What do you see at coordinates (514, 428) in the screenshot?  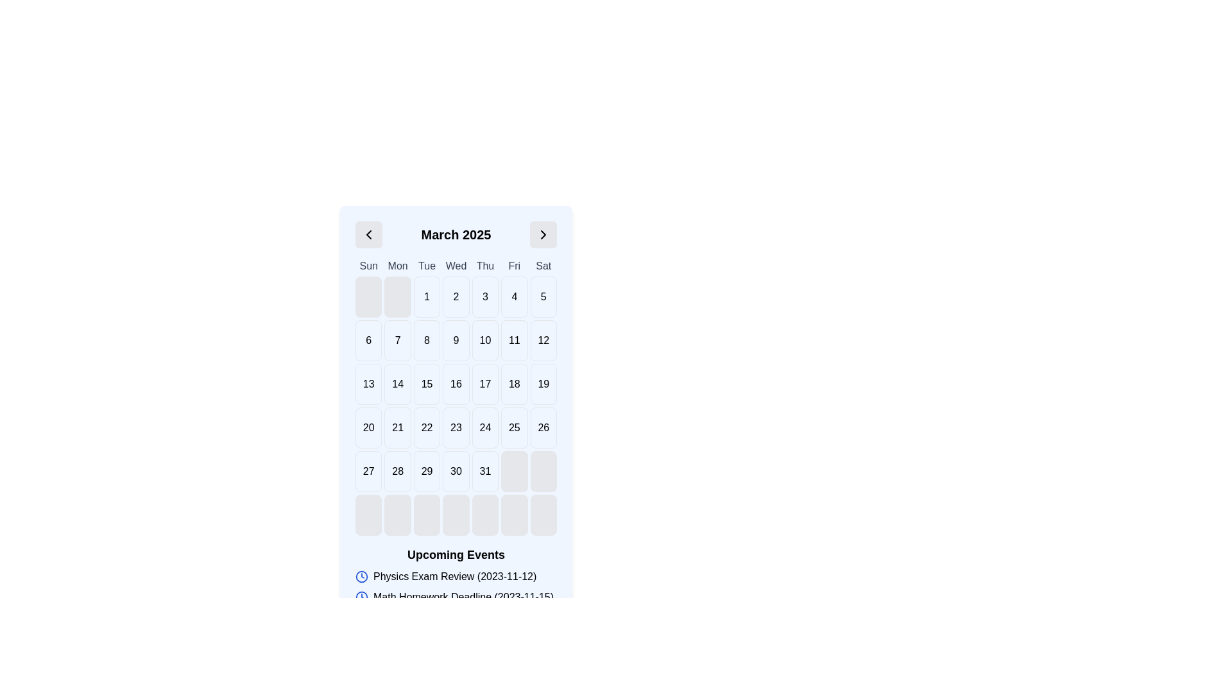 I see `the rectangular date selector button containing the number '25' in the calendar layout` at bounding box center [514, 428].